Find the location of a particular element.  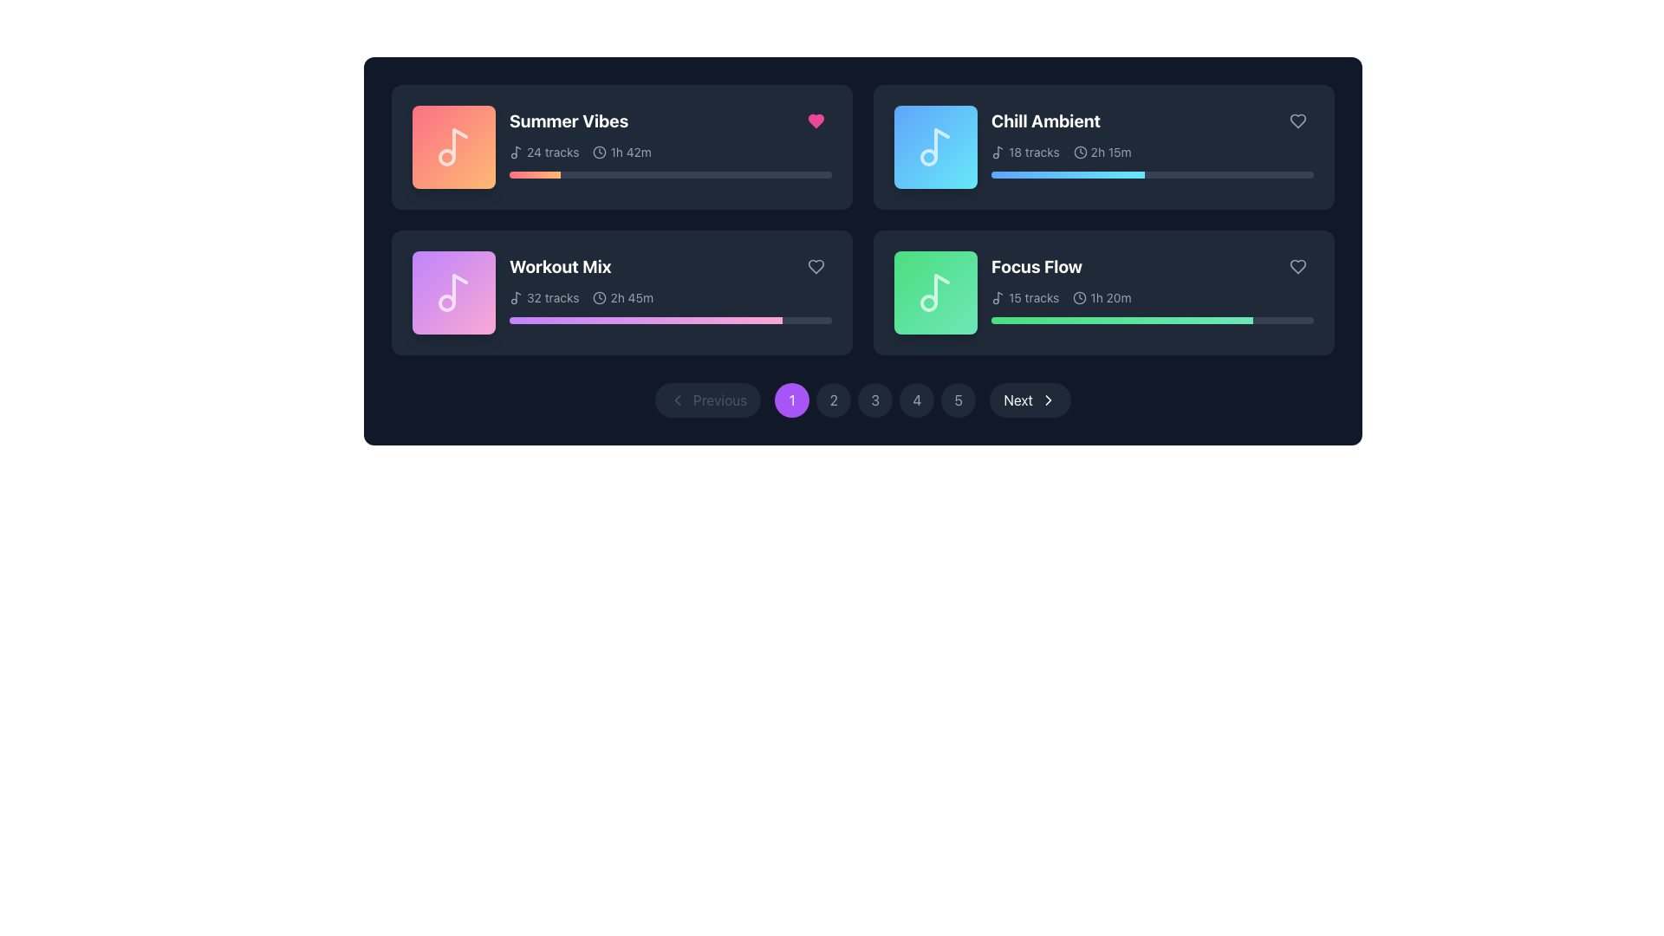

the circular button labeled '3' is located at coordinates (875, 400).